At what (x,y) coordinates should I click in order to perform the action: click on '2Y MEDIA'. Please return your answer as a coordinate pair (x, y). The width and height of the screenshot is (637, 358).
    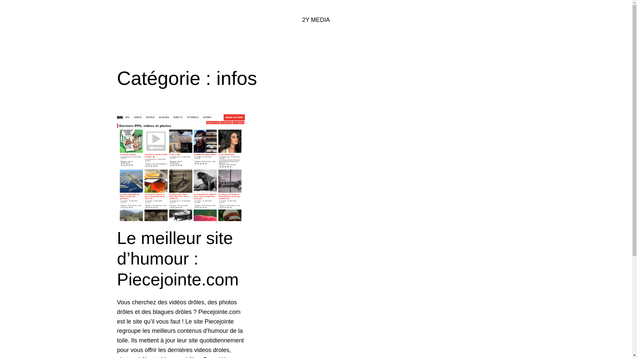
    Looking at the image, I should click on (316, 20).